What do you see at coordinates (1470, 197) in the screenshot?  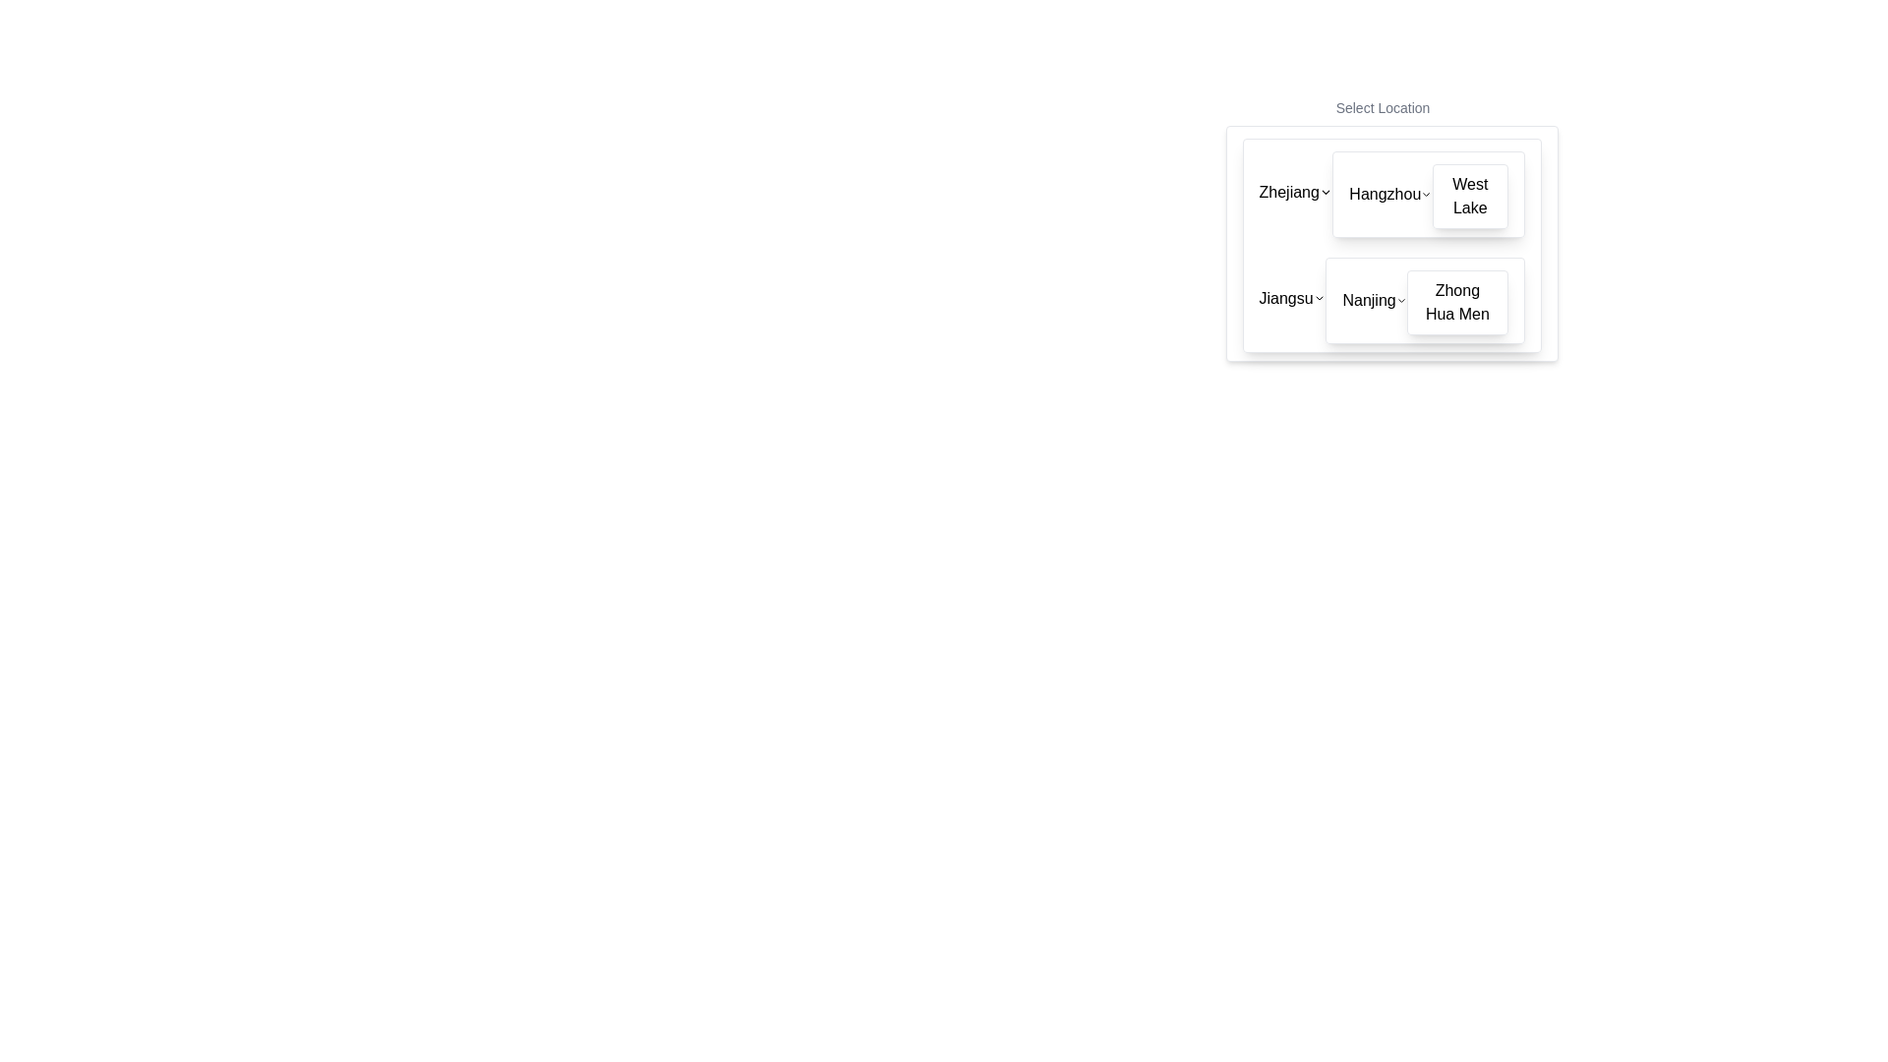 I see `the 'West Lake' option, which is represented as a Text element within an interactive button-like component located at the top-right corner of a two-by-two grid layout, adjacent to 'Hangzhou'` at bounding box center [1470, 197].